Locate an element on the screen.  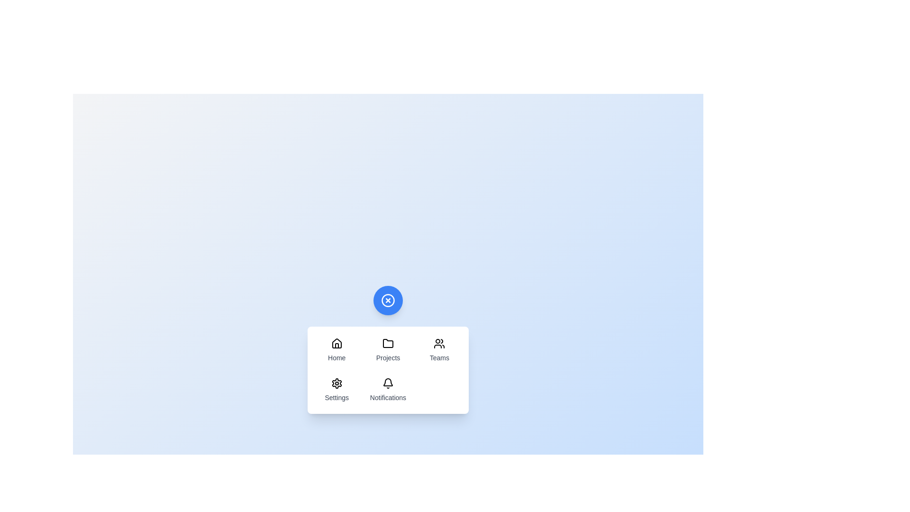
the menu item labeled Home is located at coordinates (337, 350).